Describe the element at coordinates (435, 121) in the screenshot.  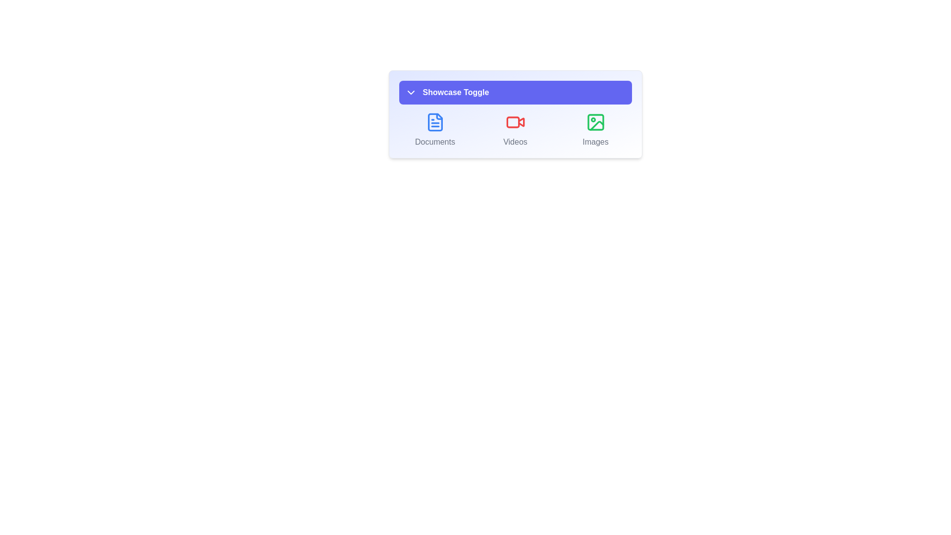
I see `the leftmost icon labeled 'Documents' in the top-center section of the application interface` at that location.